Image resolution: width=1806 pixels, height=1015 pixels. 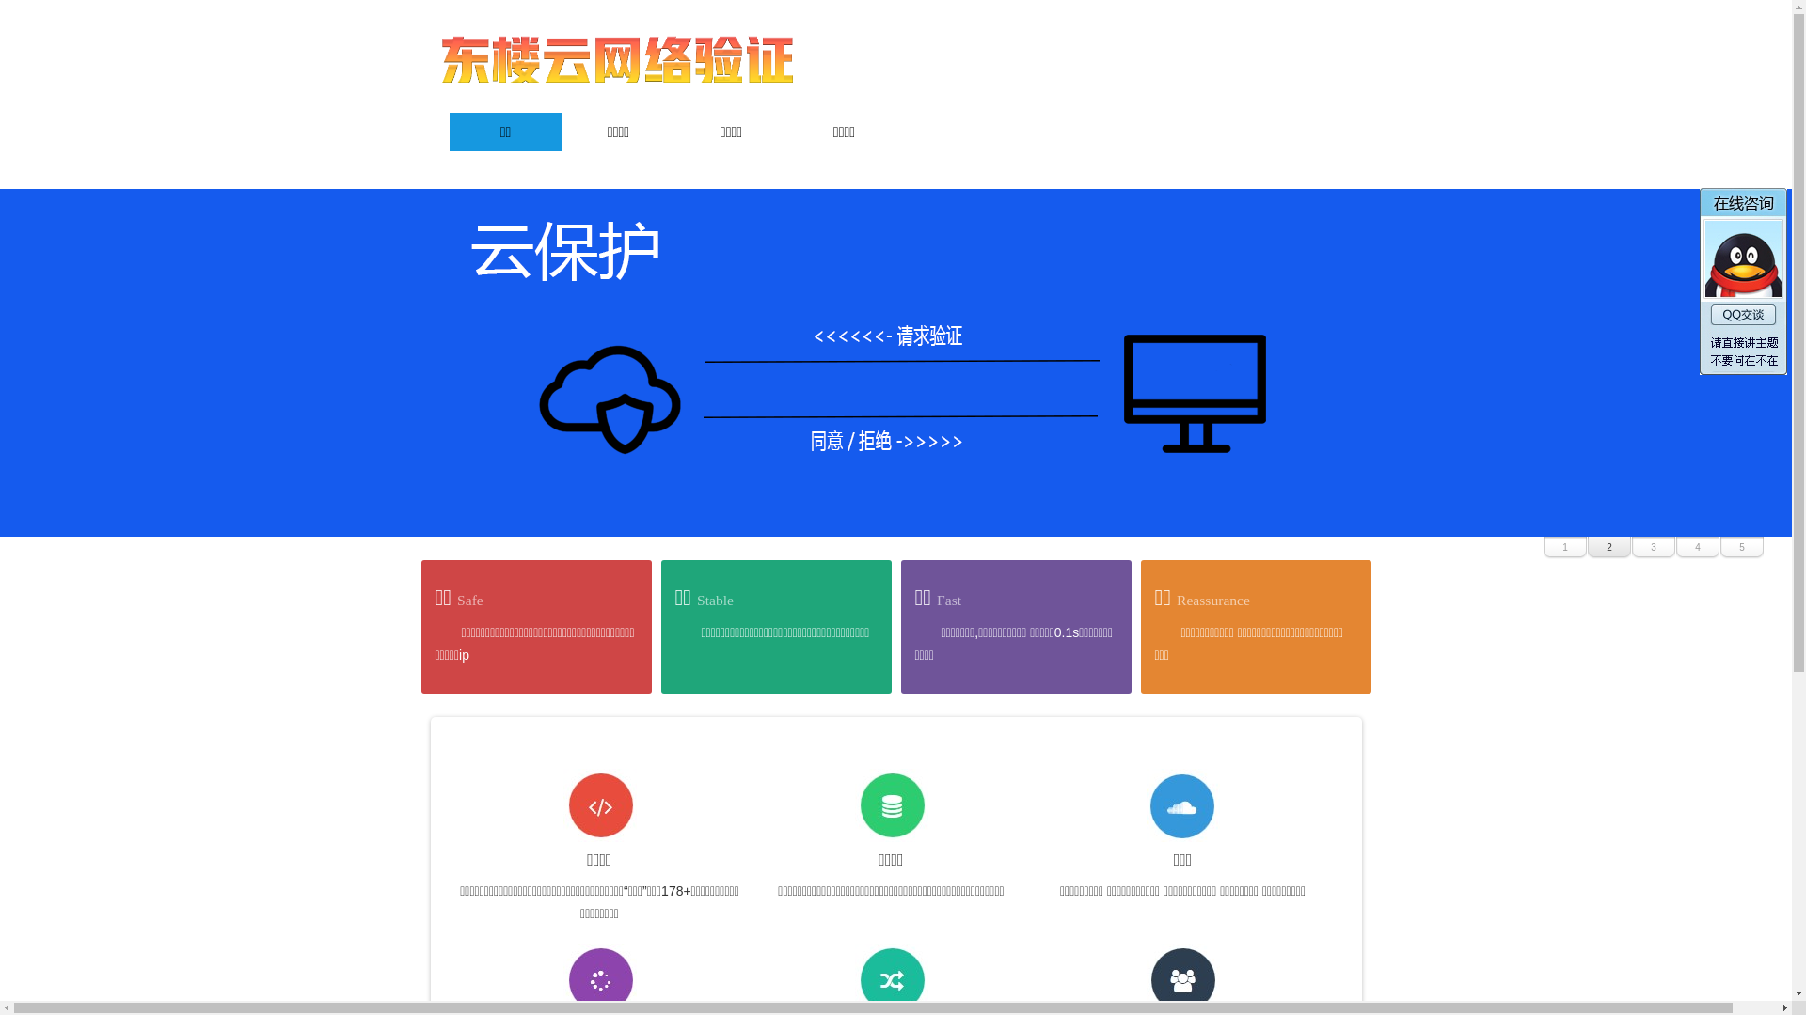 I want to click on '4', so click(x=1697, y=547).